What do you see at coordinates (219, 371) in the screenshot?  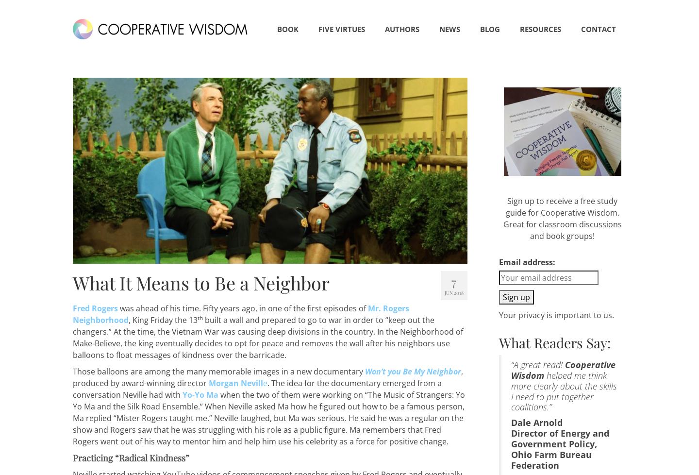 I see `'Those balloons are among the many memorable images in a new documentary'` at bounding box center [219, 371].